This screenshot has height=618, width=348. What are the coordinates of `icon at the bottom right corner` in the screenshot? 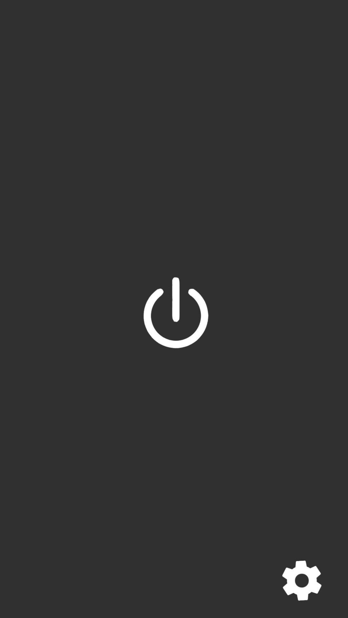 It's located at (302, 580).